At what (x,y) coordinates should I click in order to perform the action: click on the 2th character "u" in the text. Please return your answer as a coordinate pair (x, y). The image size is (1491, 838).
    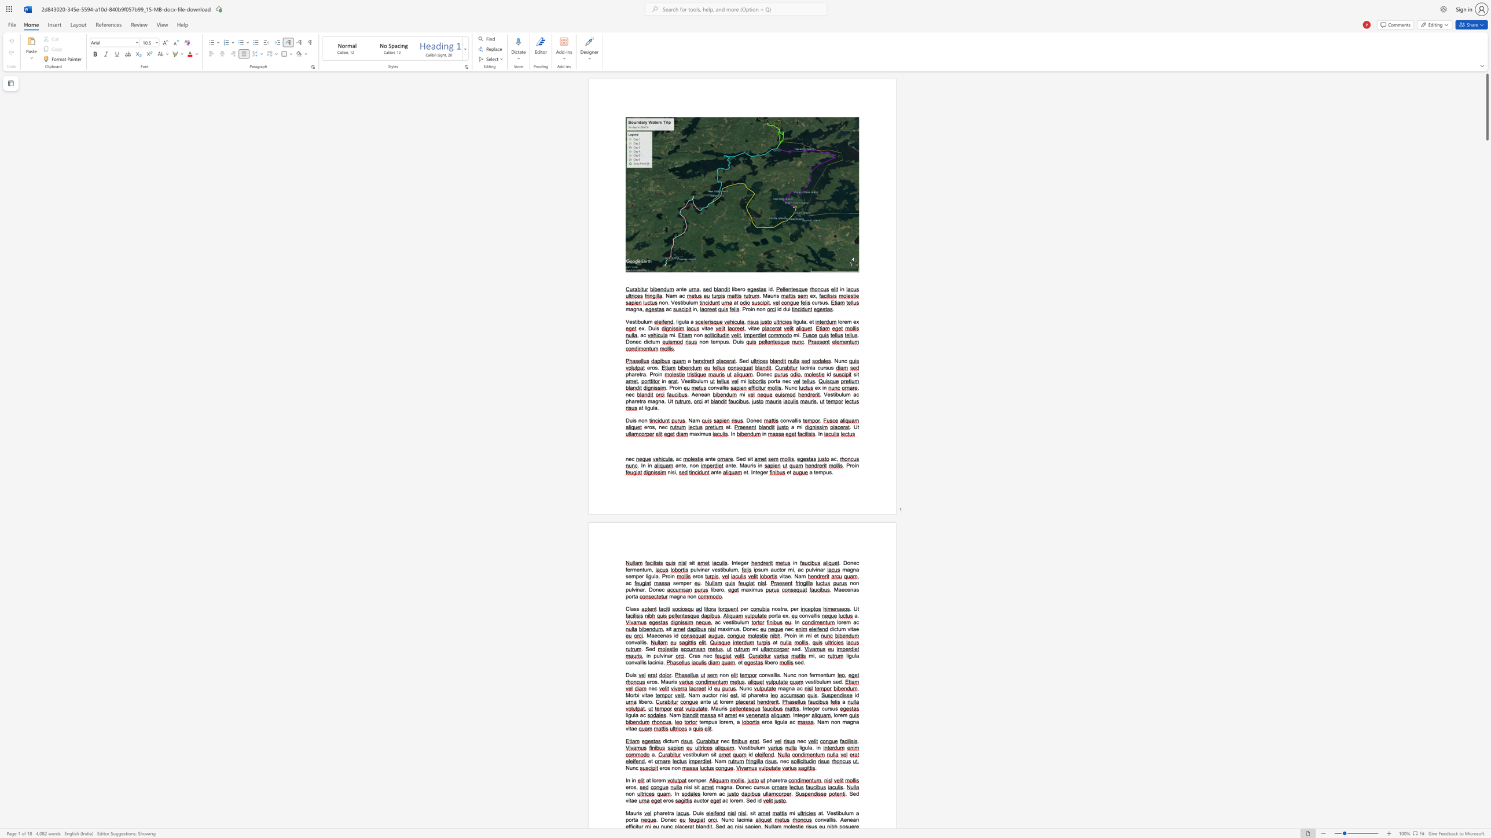
    Looking at the image, I should click on (847, 813).